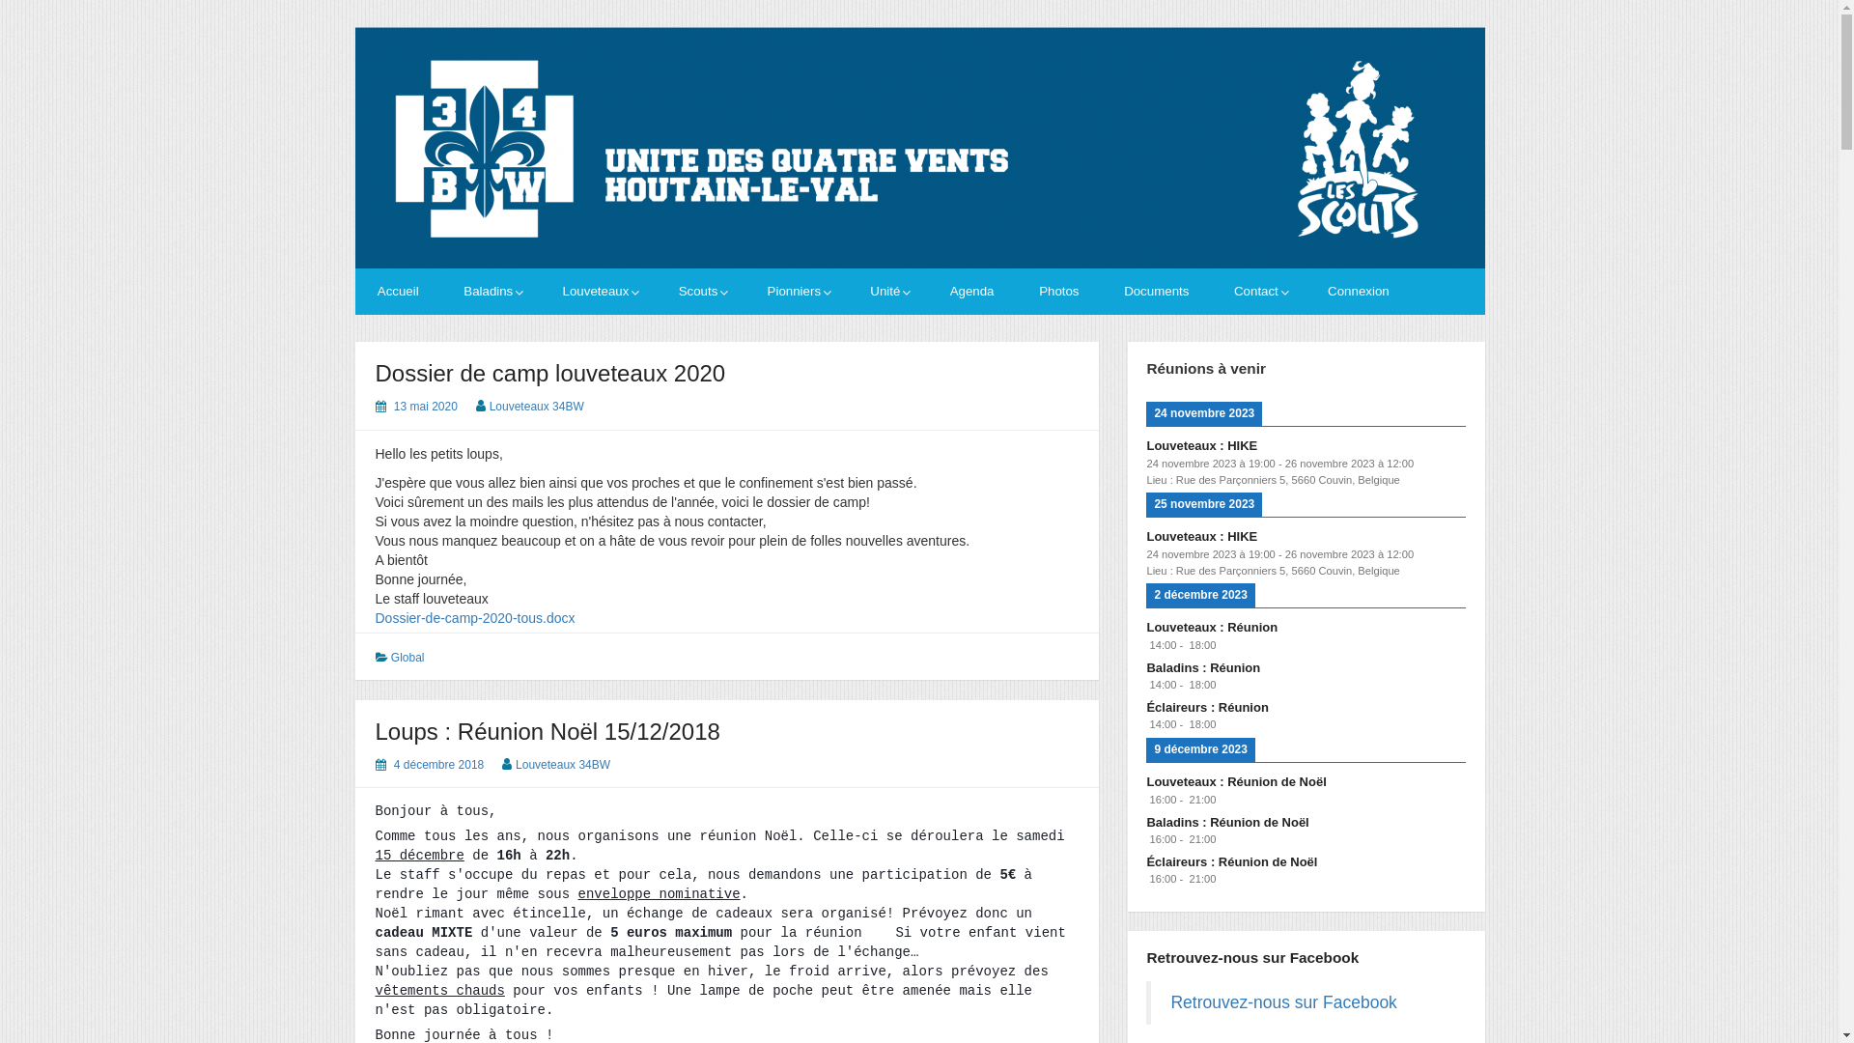 The image size is (1854, 1043). Describe the element at coordinates (397, 291) in the screenshot. I see `'Accueil'` at that location.